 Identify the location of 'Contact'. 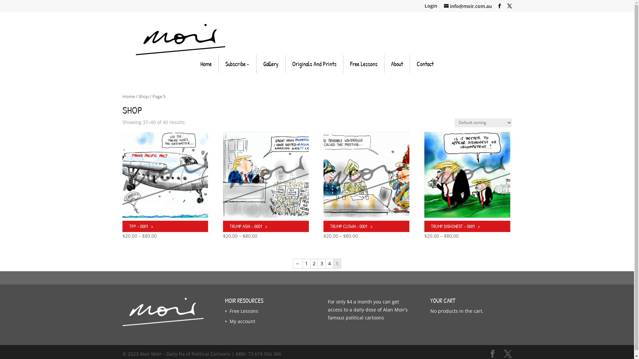
(425, 64).